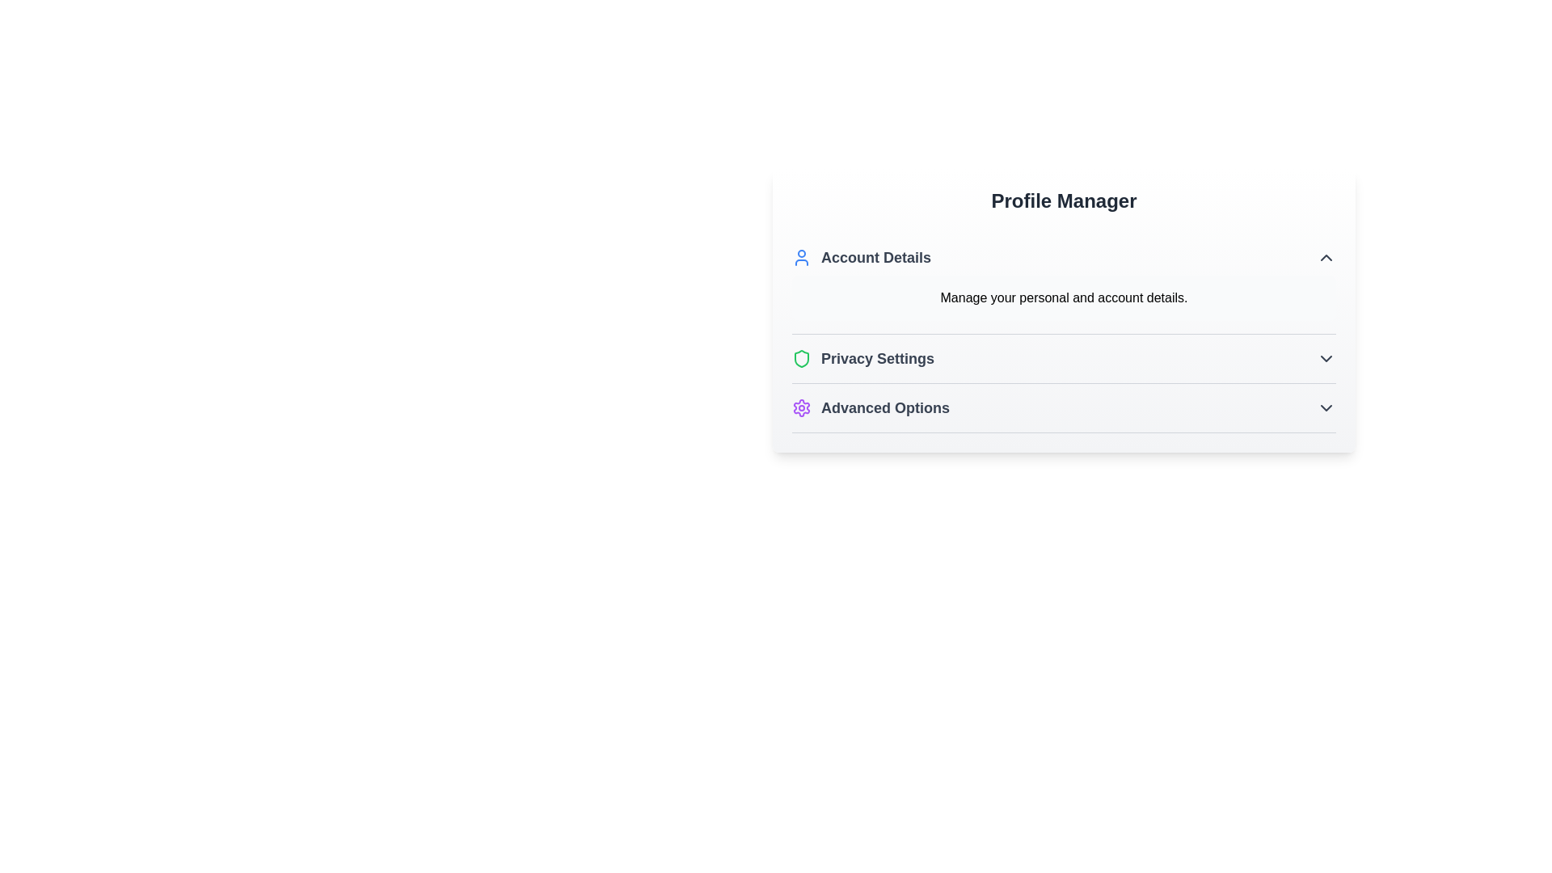  Describe the element at coordinates (1326, 357) in the screenshot. I see `the dropdown toggle icon located at the rightmost position in the 'Privacy Settings' section` at that location.